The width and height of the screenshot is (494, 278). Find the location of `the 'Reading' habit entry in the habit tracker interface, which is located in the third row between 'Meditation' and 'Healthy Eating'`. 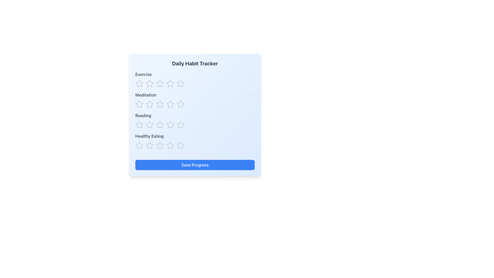

the 'Reading' habit entry in the habit tracker interface, which is located in the third row between 'Meditation' and 'Healthy Eating' is located at coordinates (195, 115).